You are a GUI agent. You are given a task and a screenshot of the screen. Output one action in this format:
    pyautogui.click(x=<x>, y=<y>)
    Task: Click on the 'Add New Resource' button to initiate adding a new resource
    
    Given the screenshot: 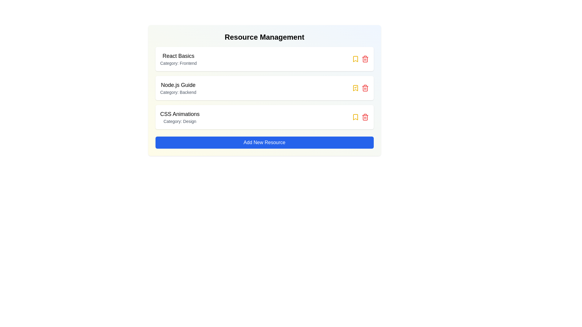 What is the action you would take?
    pyautogui.click(x=264, y=142)
    